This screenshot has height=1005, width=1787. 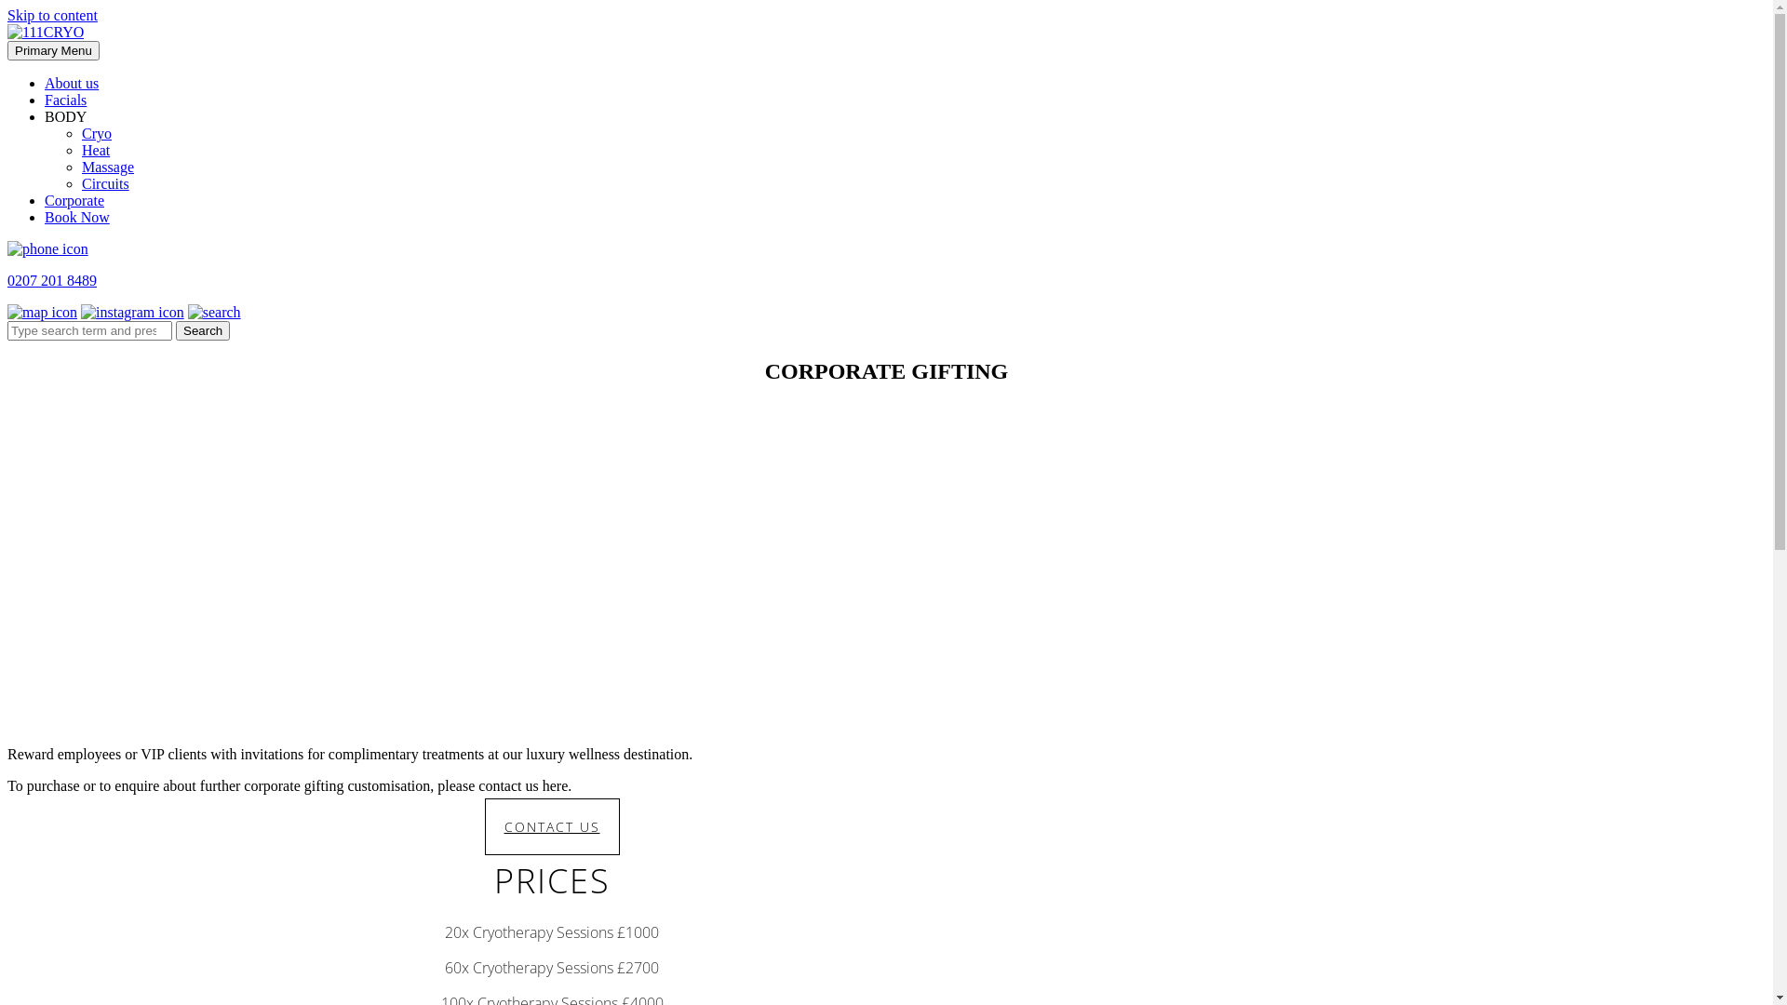 I want to click on 'Circuits', so click(x=80, y=183).